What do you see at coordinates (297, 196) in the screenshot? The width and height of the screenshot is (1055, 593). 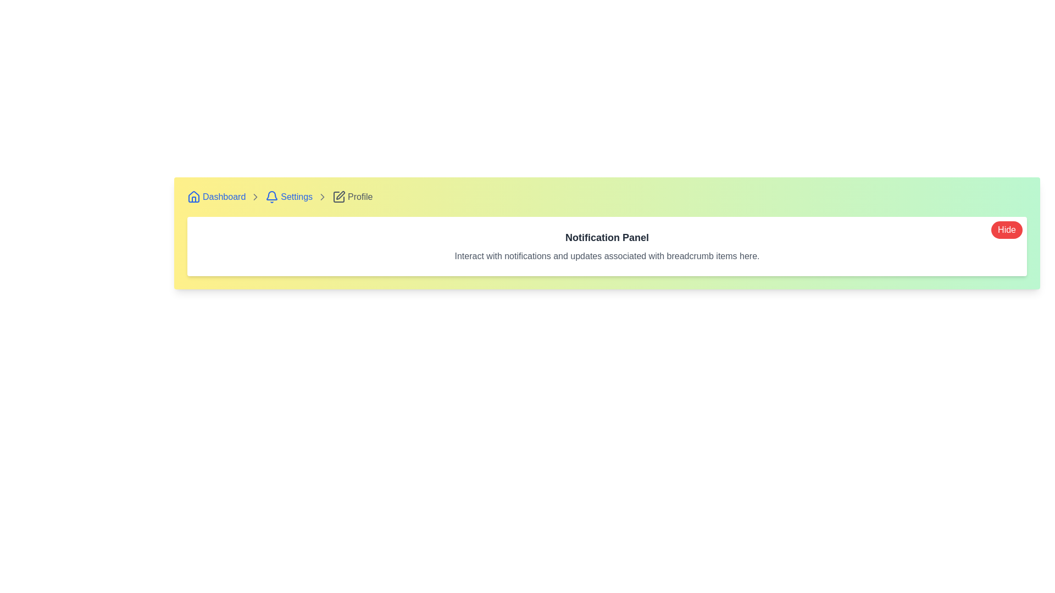 I see `the 'Settings' text link located` at bounding box center [297, 196].